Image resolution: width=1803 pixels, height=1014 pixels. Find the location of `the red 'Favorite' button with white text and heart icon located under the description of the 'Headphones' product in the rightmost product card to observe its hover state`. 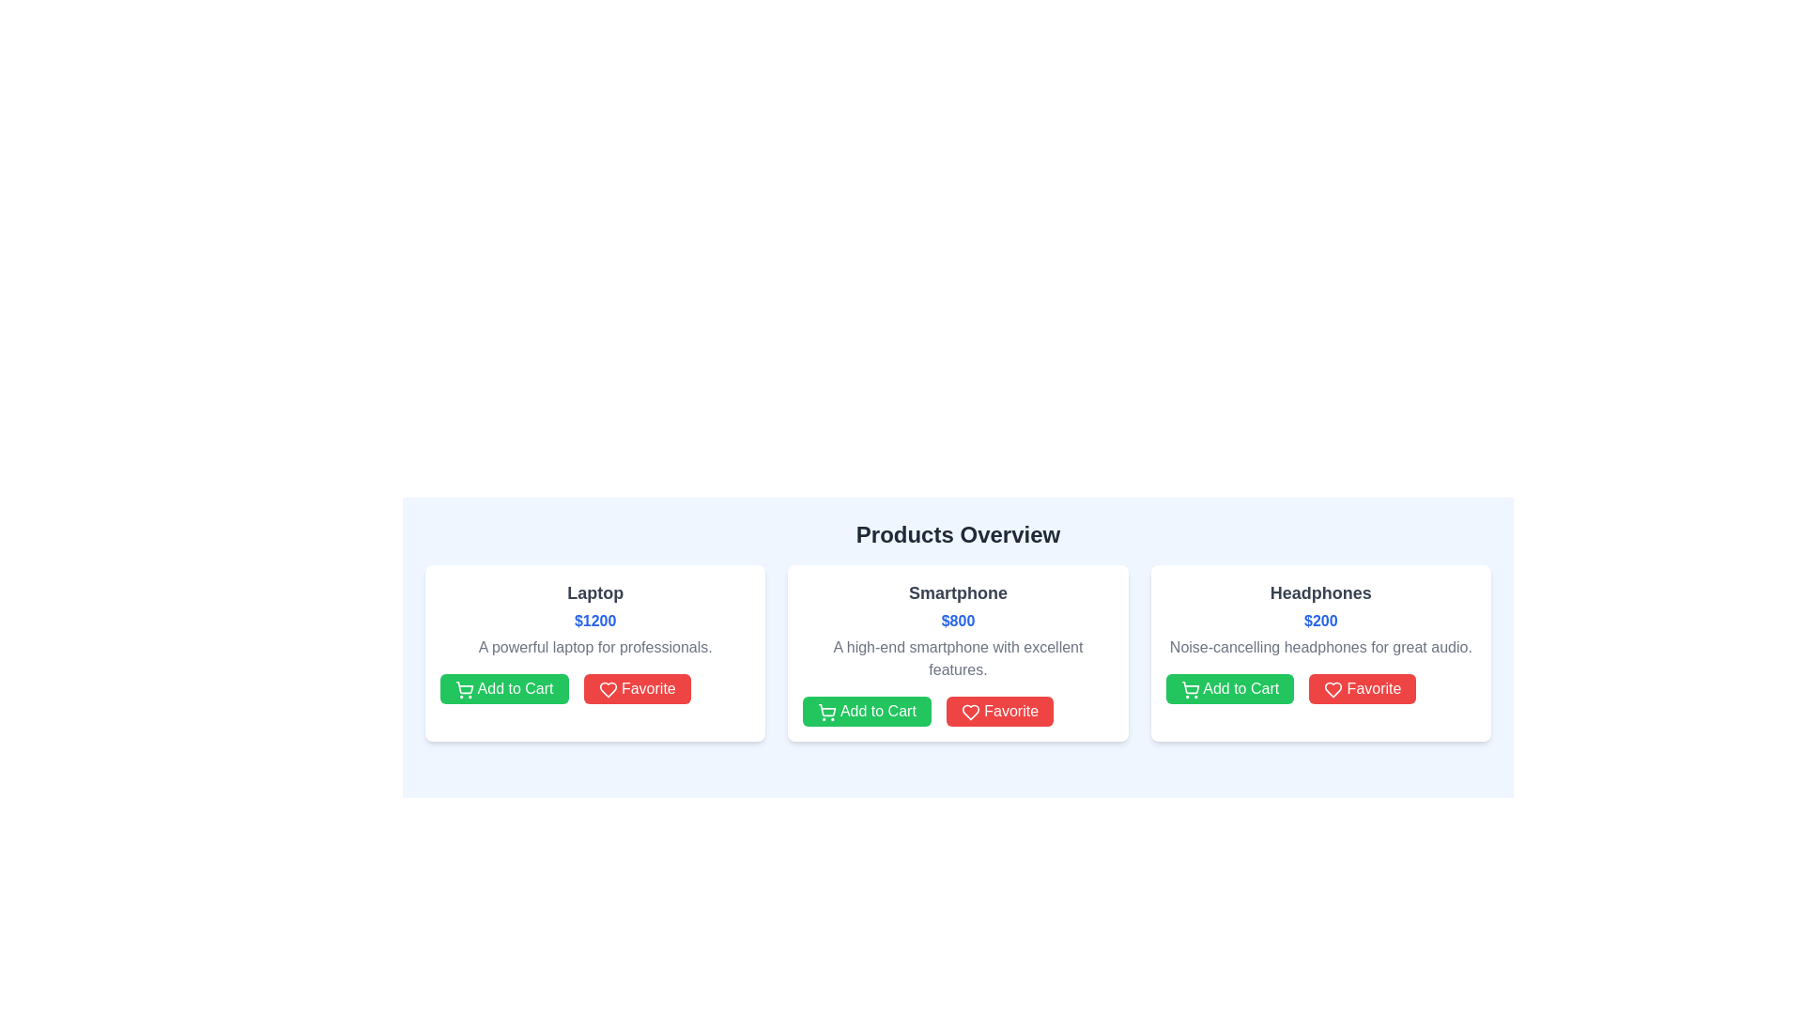

the red 'Favorite' button with white text and heart icon located under the description of the 'Headphones' product in the rightmost product card to observe its hover state is located at coordinates (1319, 688).